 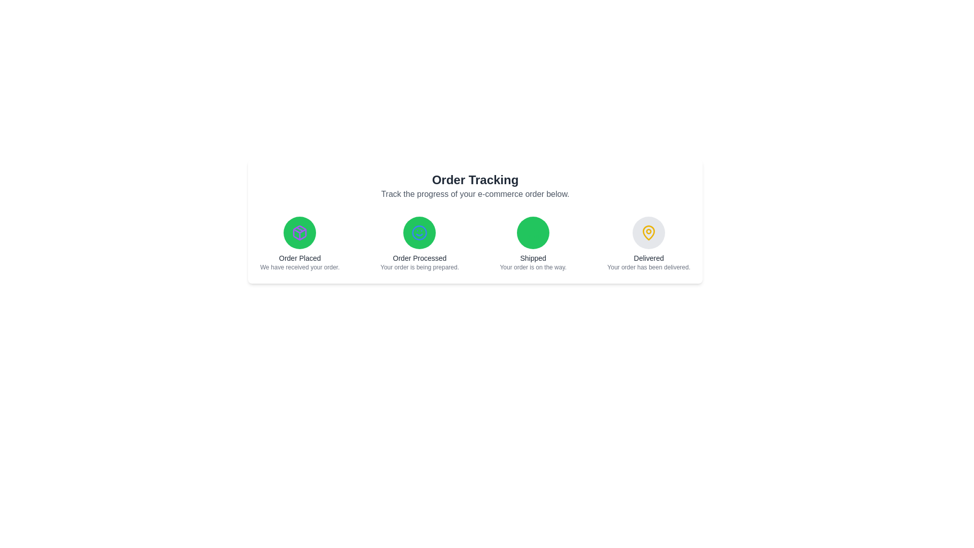 I want to click on the circular button-like UI component with a gray background and a yellow map pin icon, located in the 'Delivered' status card, positioned at the top center of this card, so click(x=648, y=233).